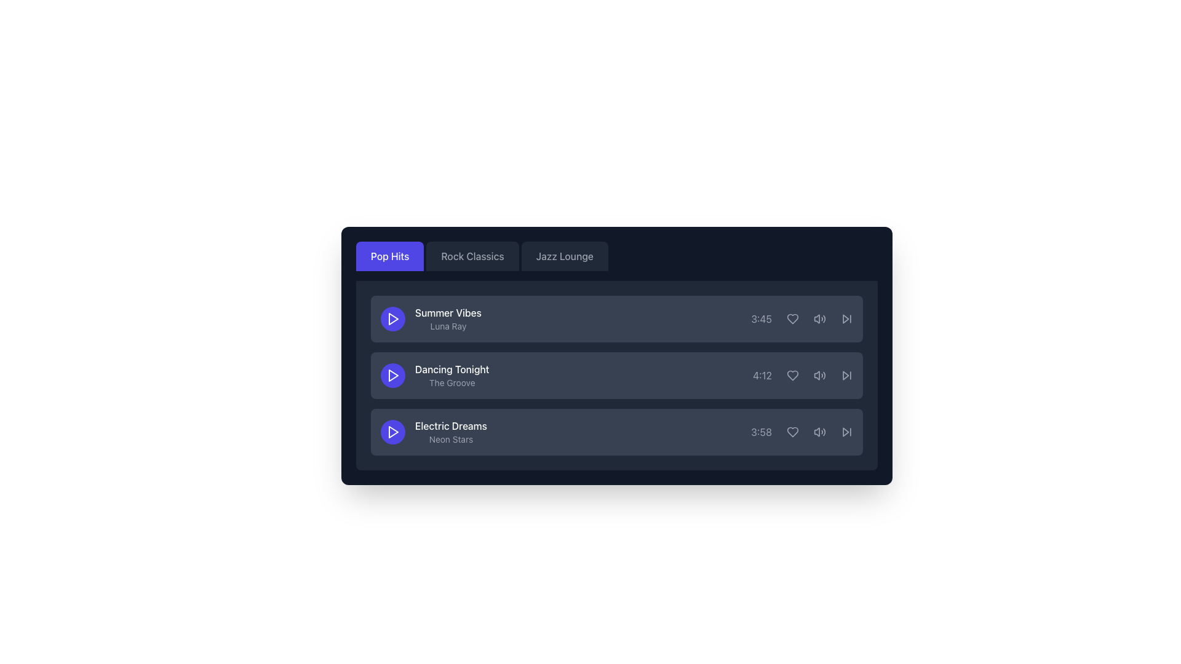  What do you see at coordinates (817, 374) in the screenshot?
I see `the leftmost segment of the volume control icon for the second song, which represents the first level of volume or a muted state` at bounding box center [817, 374].